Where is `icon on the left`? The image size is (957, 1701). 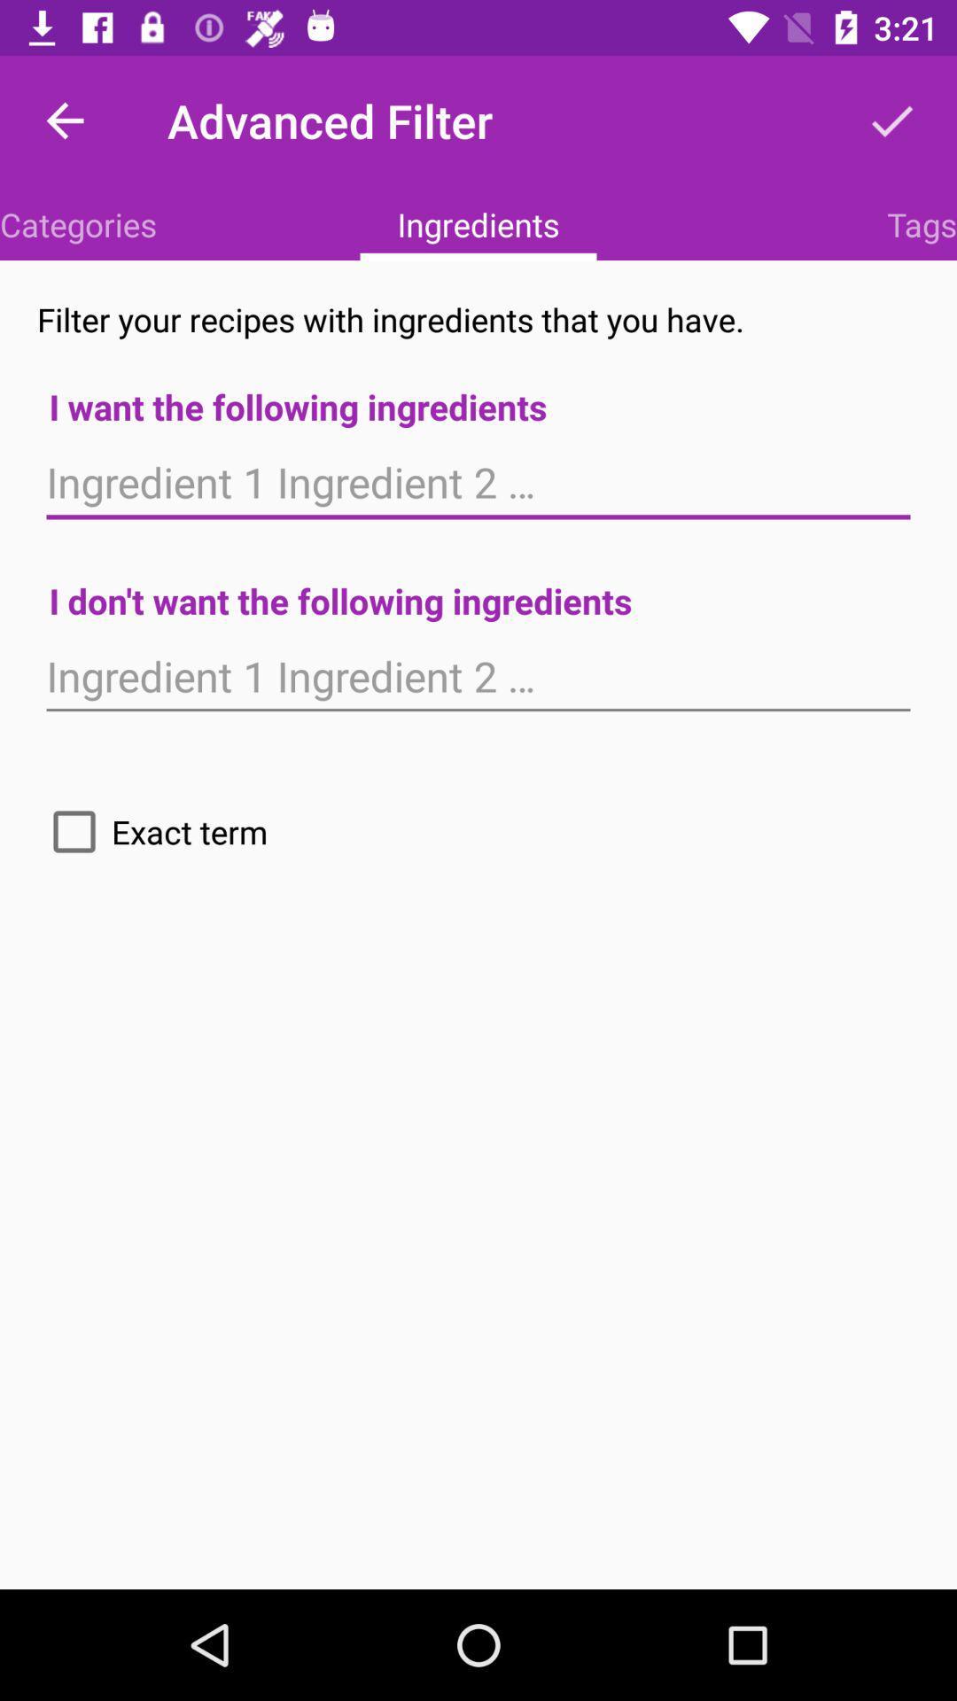 icon on the left is located at coordinates (152, 831).